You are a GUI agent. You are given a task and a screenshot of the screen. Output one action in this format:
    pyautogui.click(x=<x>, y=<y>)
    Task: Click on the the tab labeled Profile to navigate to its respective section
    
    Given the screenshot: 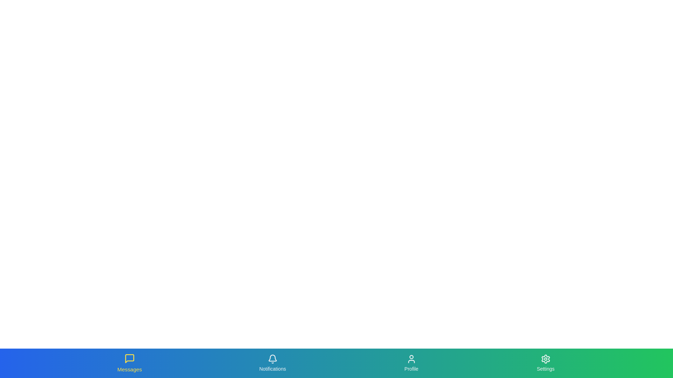 What is the action you would take?
    pyautogui.click(x=411, y=363)
    